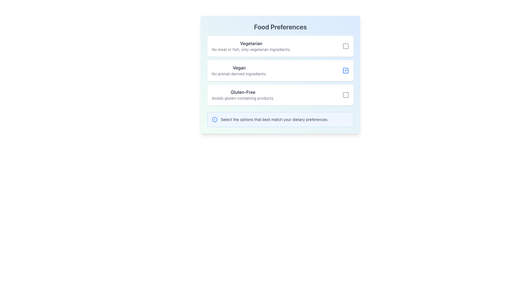 The width and height of the screenshot is (532, 299). What do you see at coordinates (346, 70) in the screenshot?
I see `the selected checkbox with a blue outline and checkmark inside the 'Vegan' preference section` at bounding box center [346, 70].